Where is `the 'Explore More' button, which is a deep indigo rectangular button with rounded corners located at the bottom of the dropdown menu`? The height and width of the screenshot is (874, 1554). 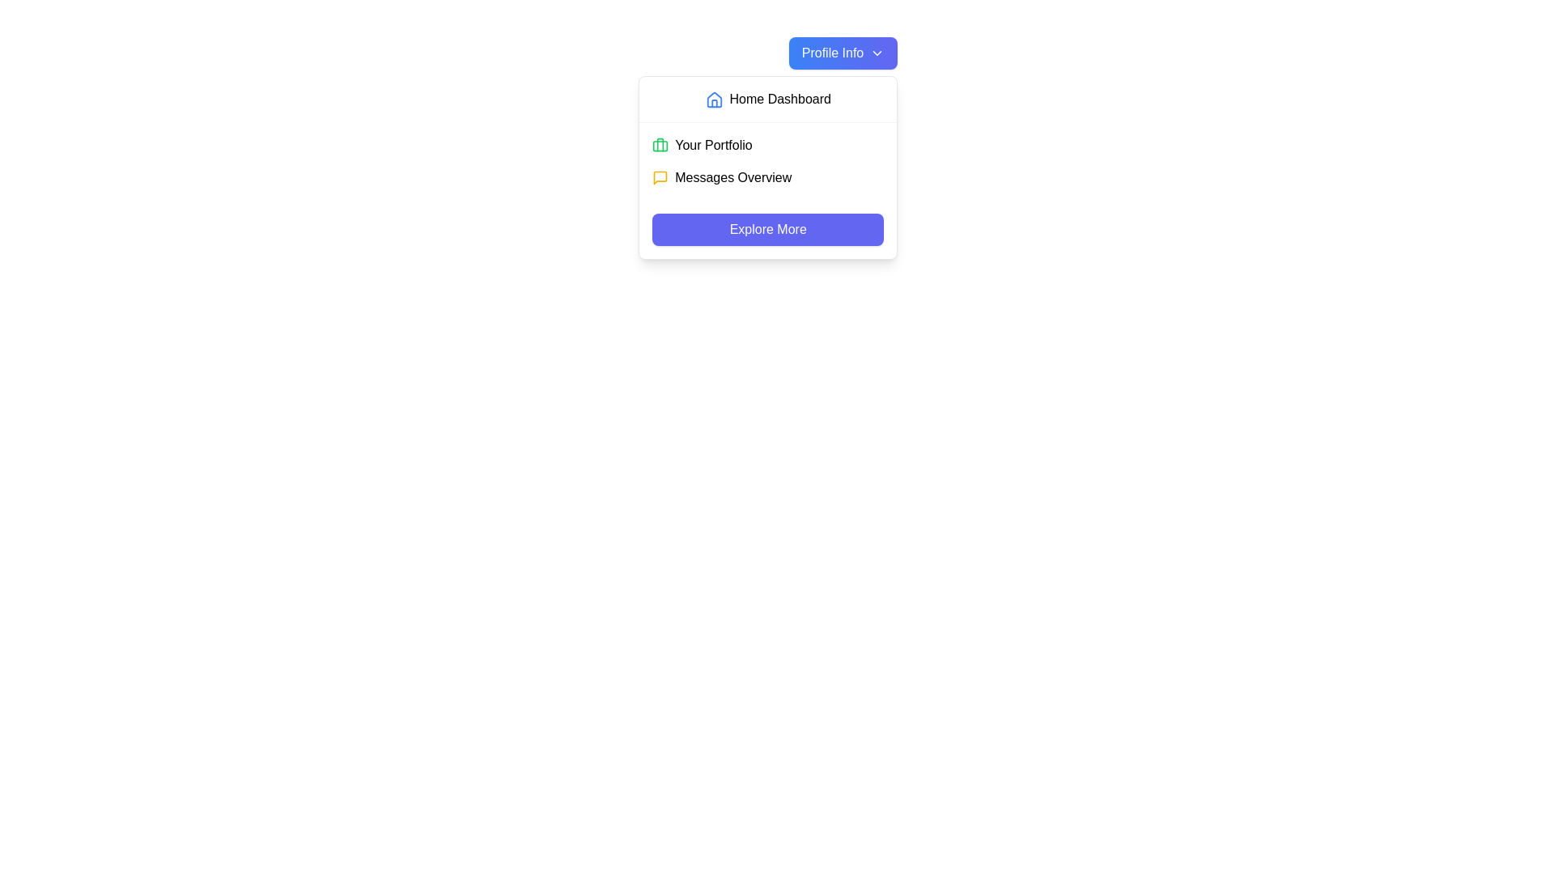 the 'Explore More' button, which is a deep indigo rectangular button with rounded corners located at the bottom of the dropdown menu is located at coordinates (767, 230).